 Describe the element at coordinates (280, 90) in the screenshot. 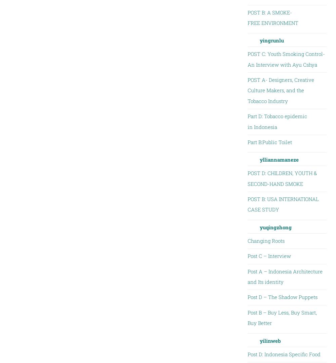

I see `'POST A- Designers, Creative Culture Makers, and the Tobacco Industry'` at that location.